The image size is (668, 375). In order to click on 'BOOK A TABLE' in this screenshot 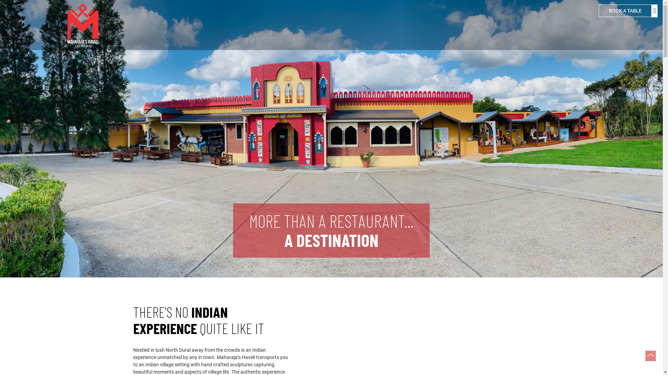, I will do `click(625, 10)`.